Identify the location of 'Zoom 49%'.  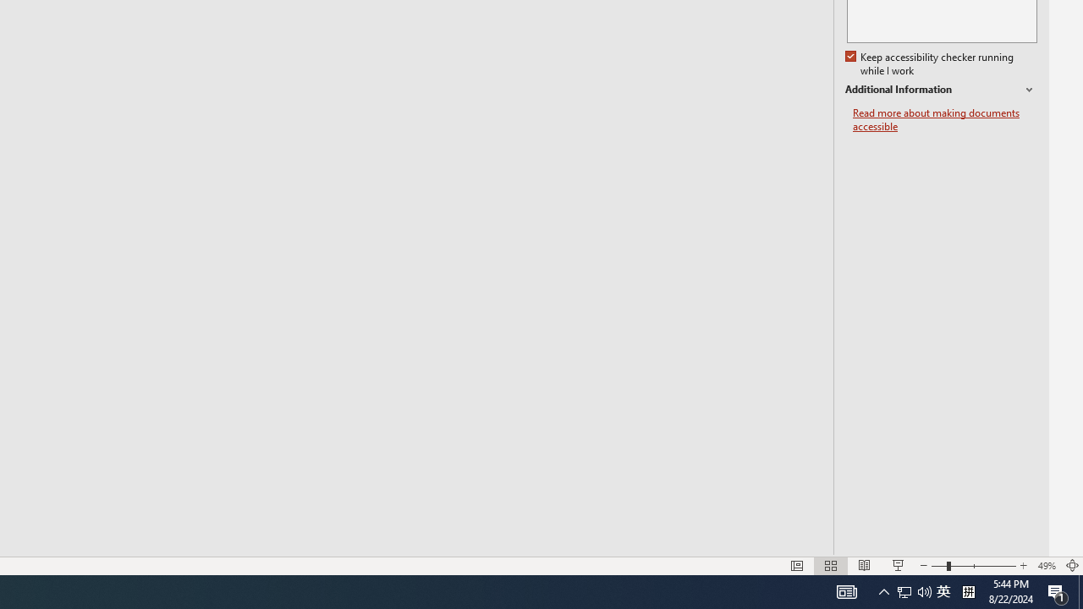
(1046, 566).